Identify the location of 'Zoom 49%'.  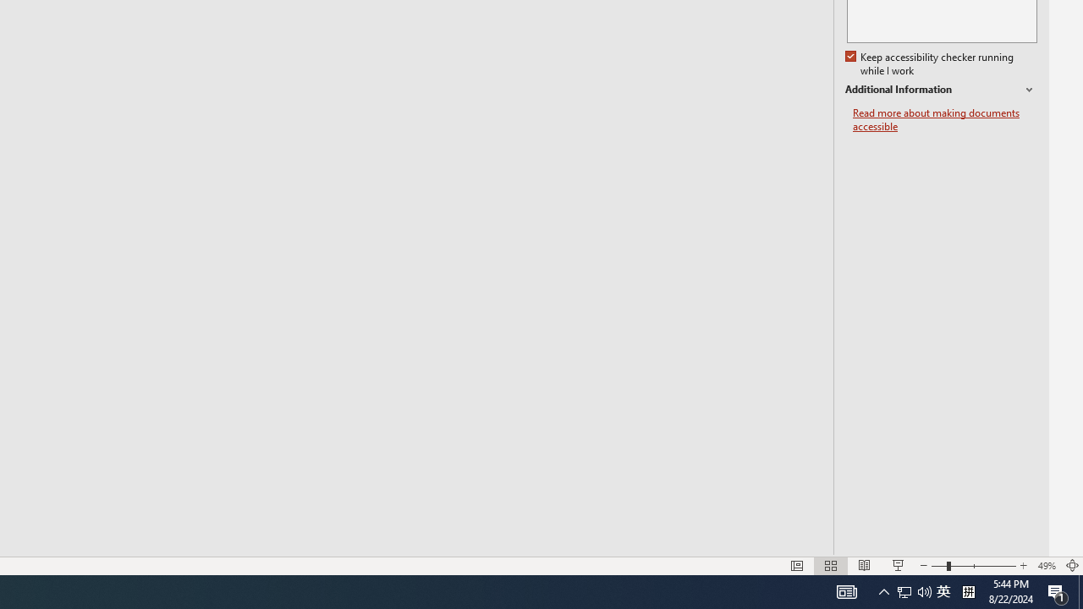
(1046, 566).